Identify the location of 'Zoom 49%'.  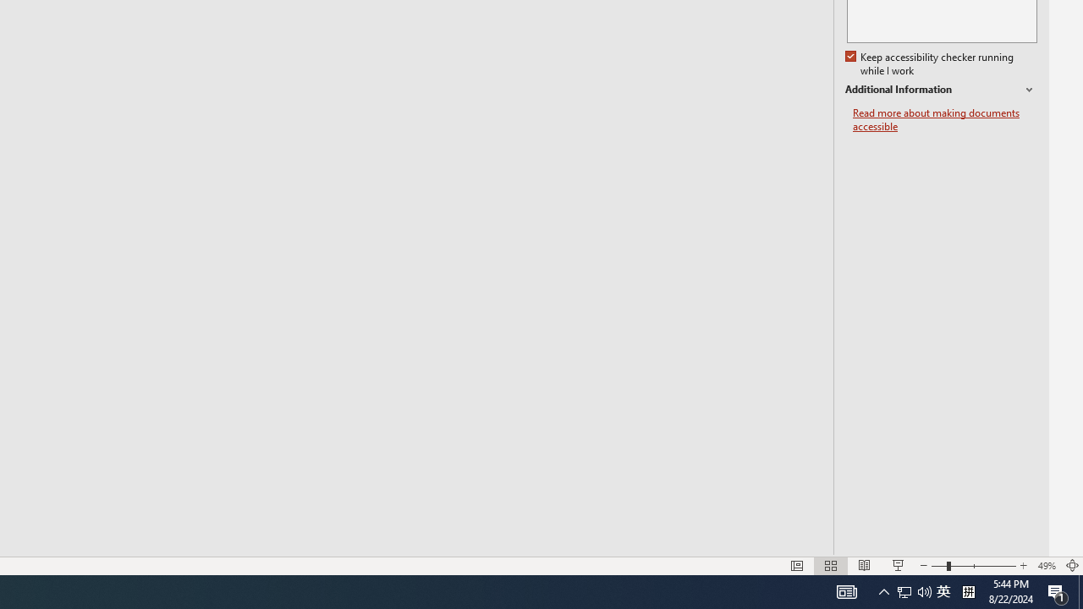
(1046, 566).